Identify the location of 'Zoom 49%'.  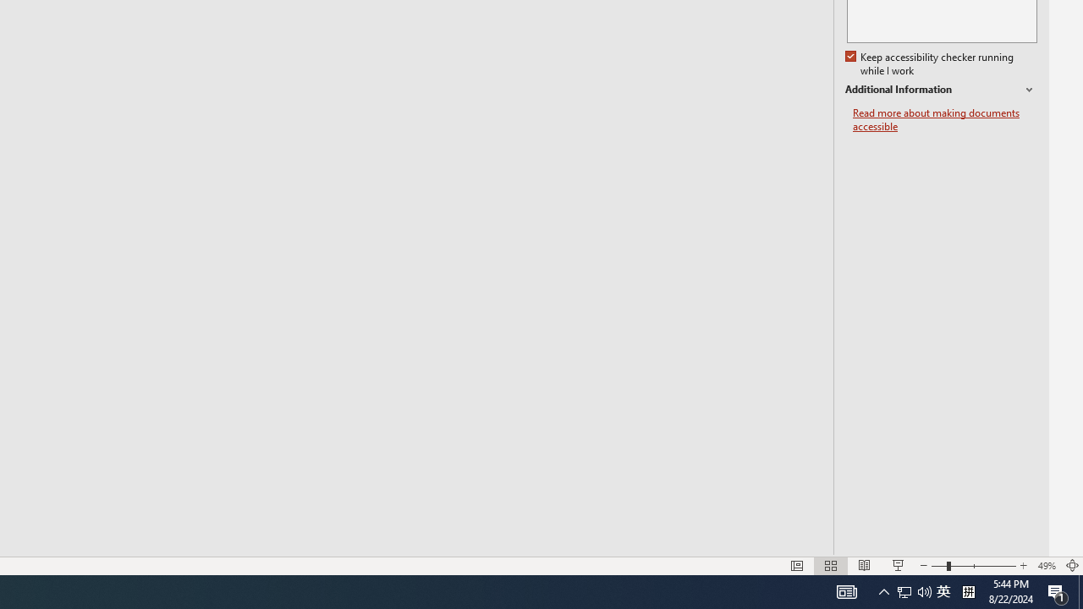
(1046, 566).